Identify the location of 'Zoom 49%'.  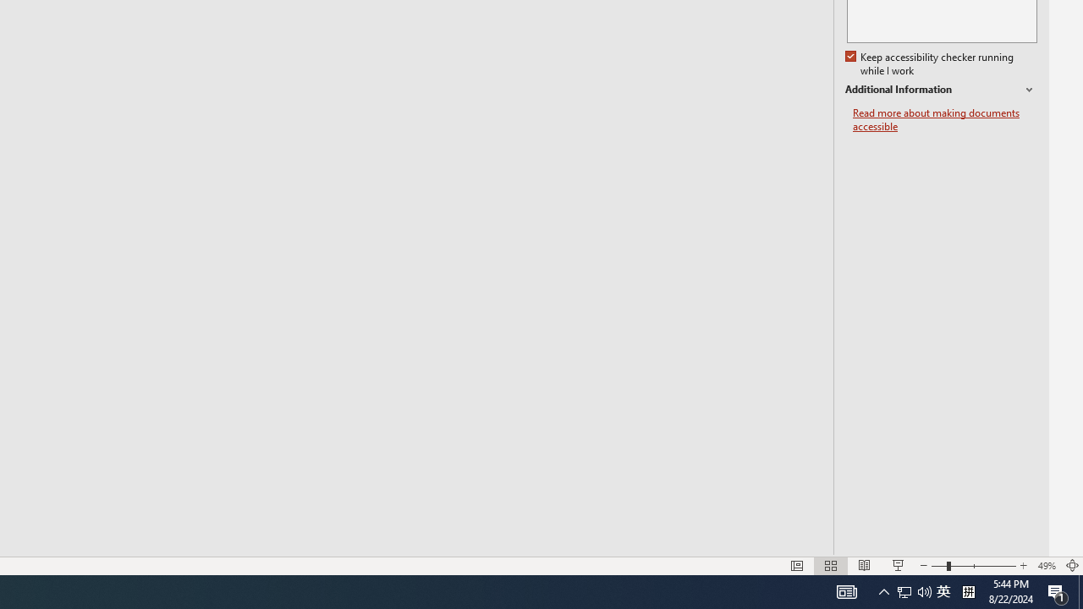
(1046, 566).